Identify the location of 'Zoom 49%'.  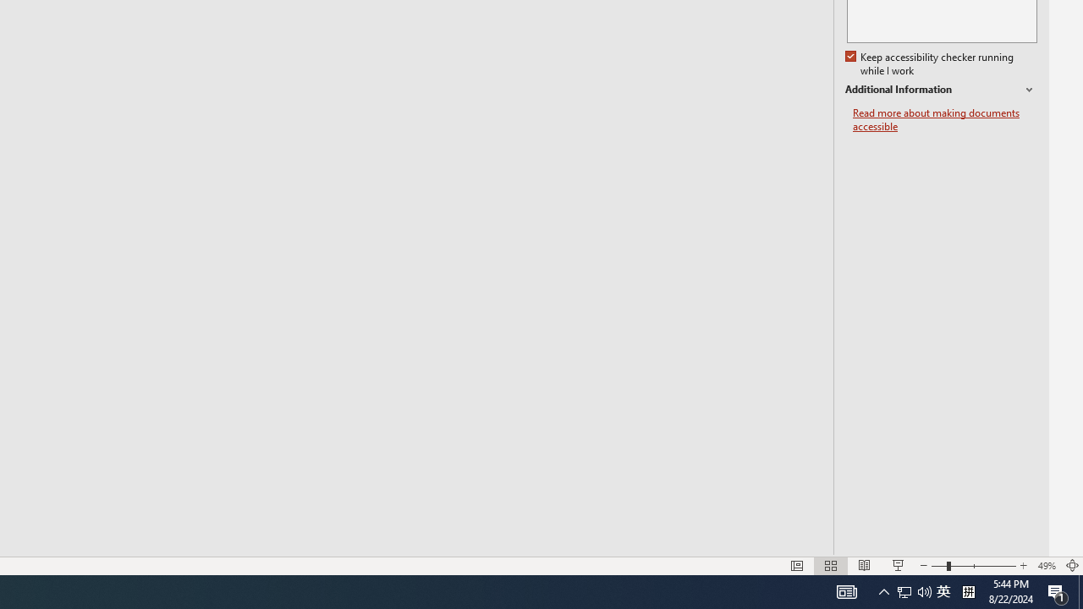
(1046, 566).